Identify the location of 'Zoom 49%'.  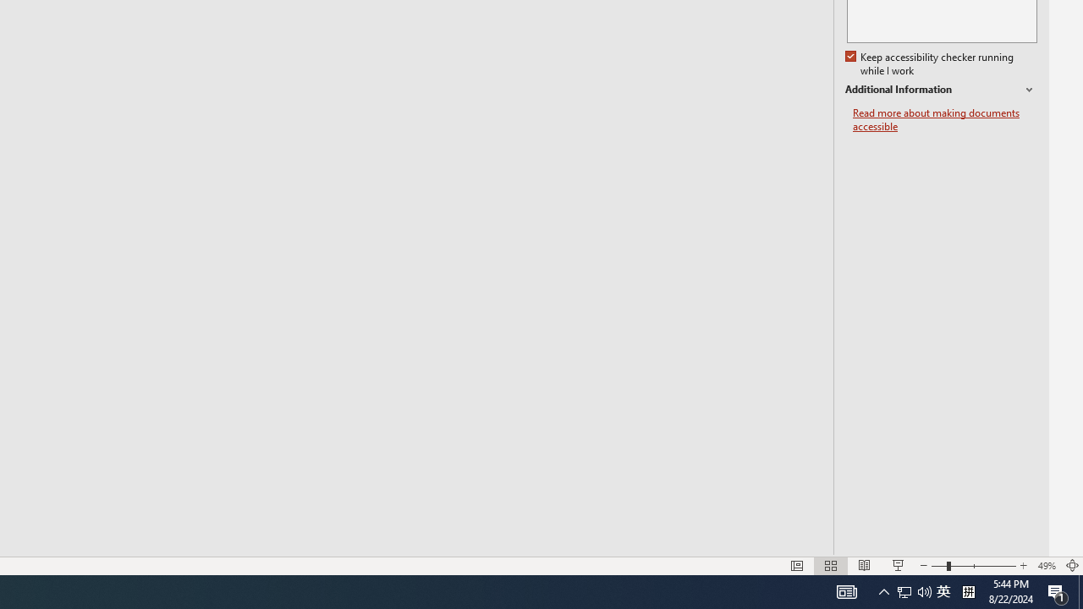
(1046, 566).